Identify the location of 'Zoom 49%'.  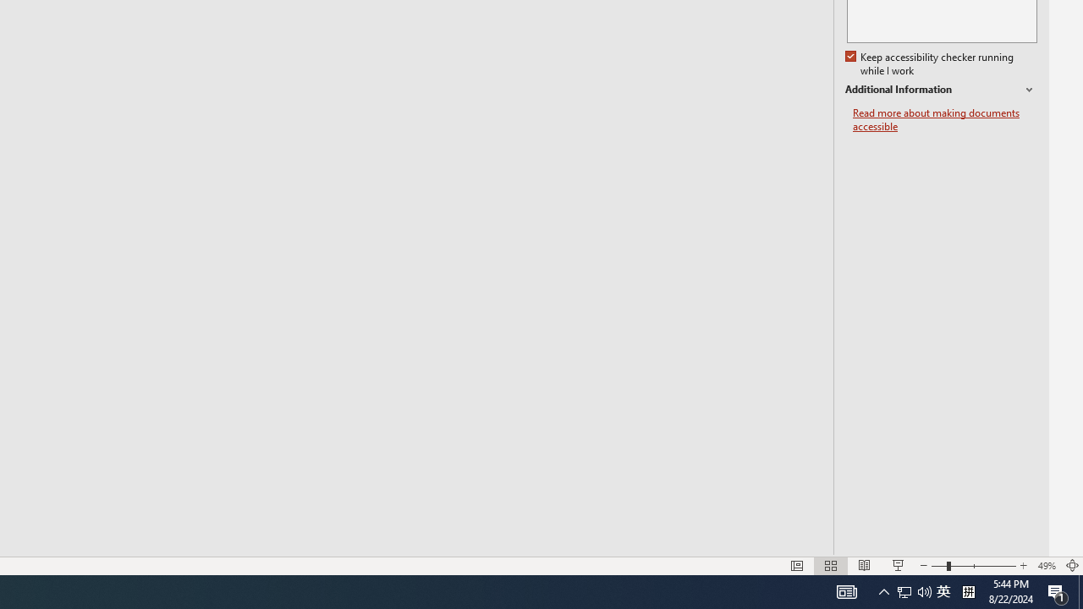
(1046, 566).